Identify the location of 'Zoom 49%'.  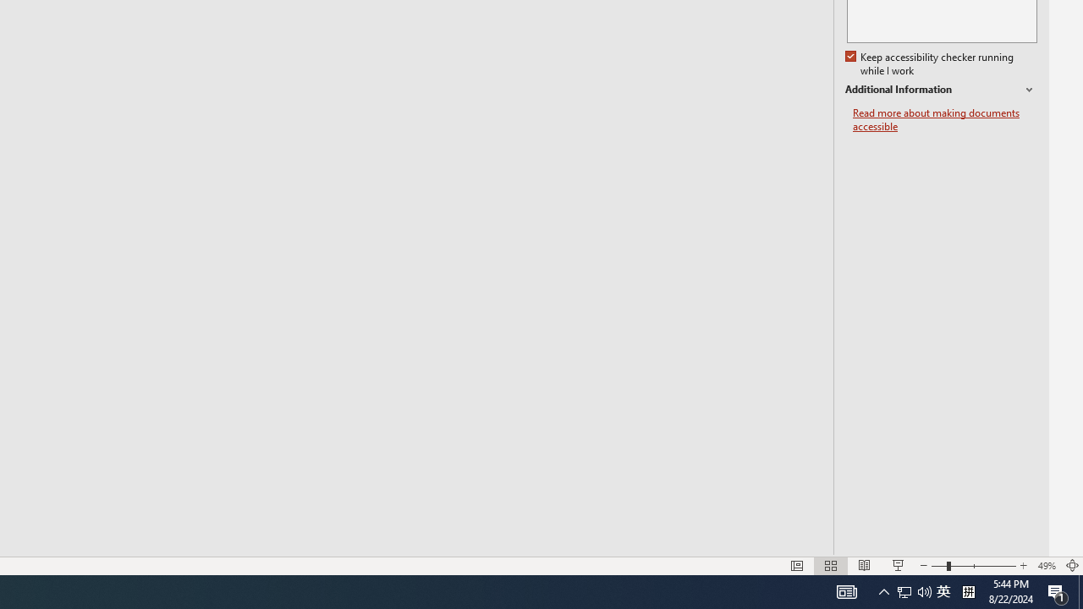
(1046, 566).